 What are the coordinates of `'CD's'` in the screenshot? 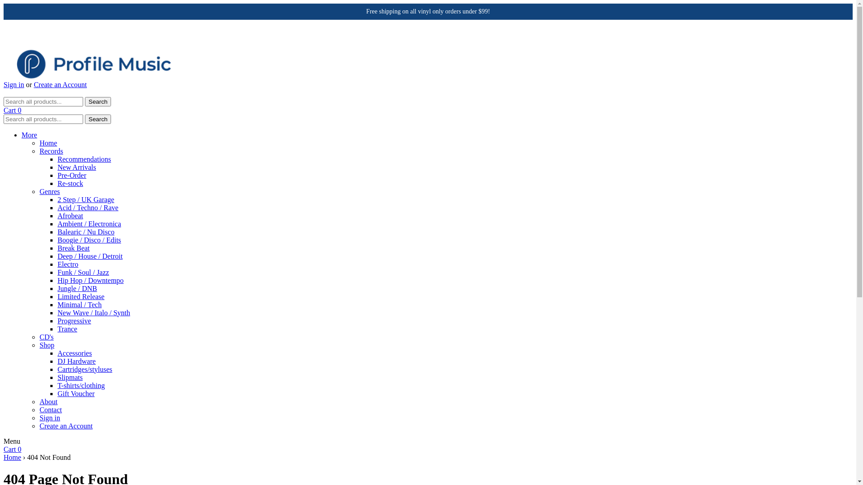 It's located at (46, 337).